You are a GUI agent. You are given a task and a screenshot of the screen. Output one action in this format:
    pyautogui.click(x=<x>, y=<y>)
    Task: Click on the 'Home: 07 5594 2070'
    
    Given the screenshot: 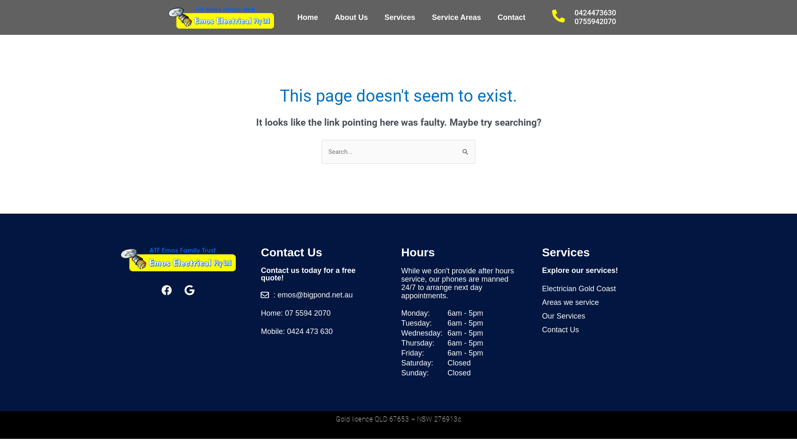 What is the action you would take?
    pyautogui.click(x=260, y=313)
    